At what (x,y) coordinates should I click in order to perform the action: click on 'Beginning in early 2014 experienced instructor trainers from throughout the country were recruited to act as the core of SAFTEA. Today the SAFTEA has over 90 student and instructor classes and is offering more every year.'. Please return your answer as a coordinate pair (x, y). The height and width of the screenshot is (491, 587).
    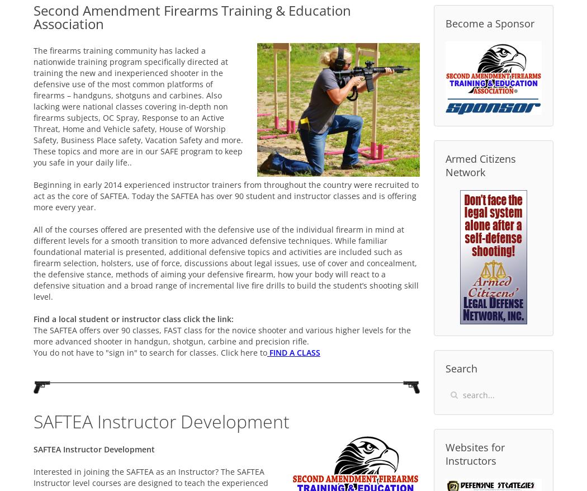
    Looking at the image, I should click on (32, 195).